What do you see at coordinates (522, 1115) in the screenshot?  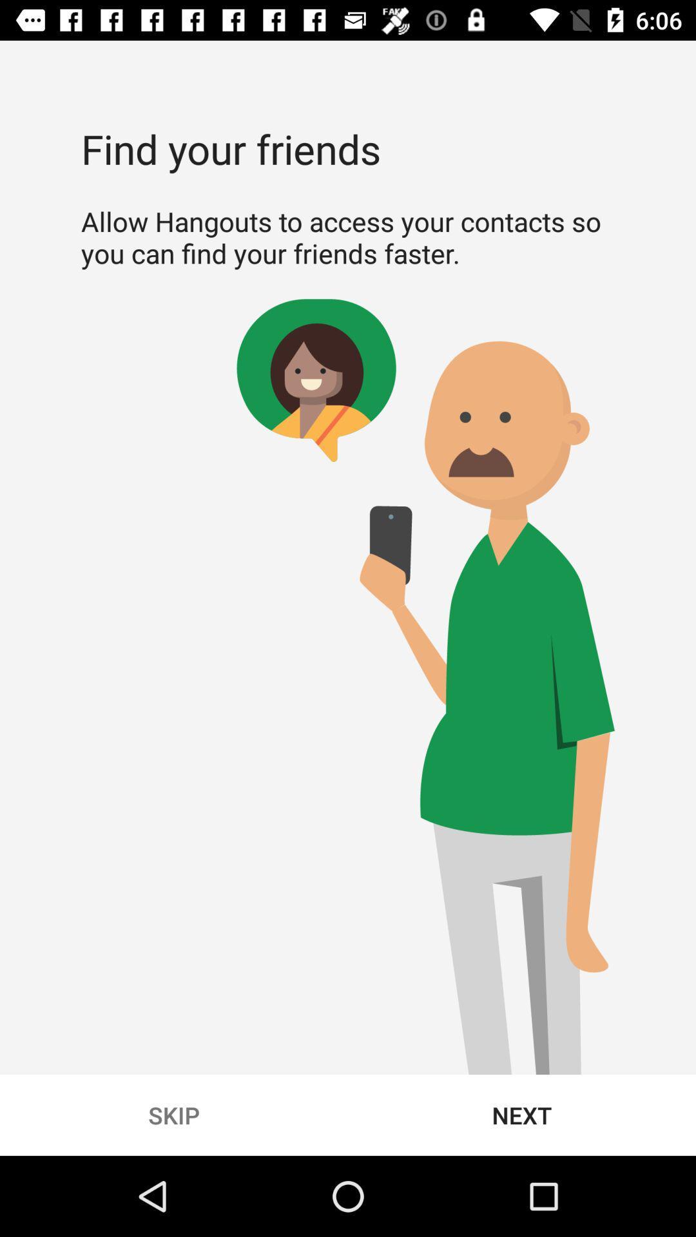 I see `item next to the skip icon` at bounding box center [522, 1115].